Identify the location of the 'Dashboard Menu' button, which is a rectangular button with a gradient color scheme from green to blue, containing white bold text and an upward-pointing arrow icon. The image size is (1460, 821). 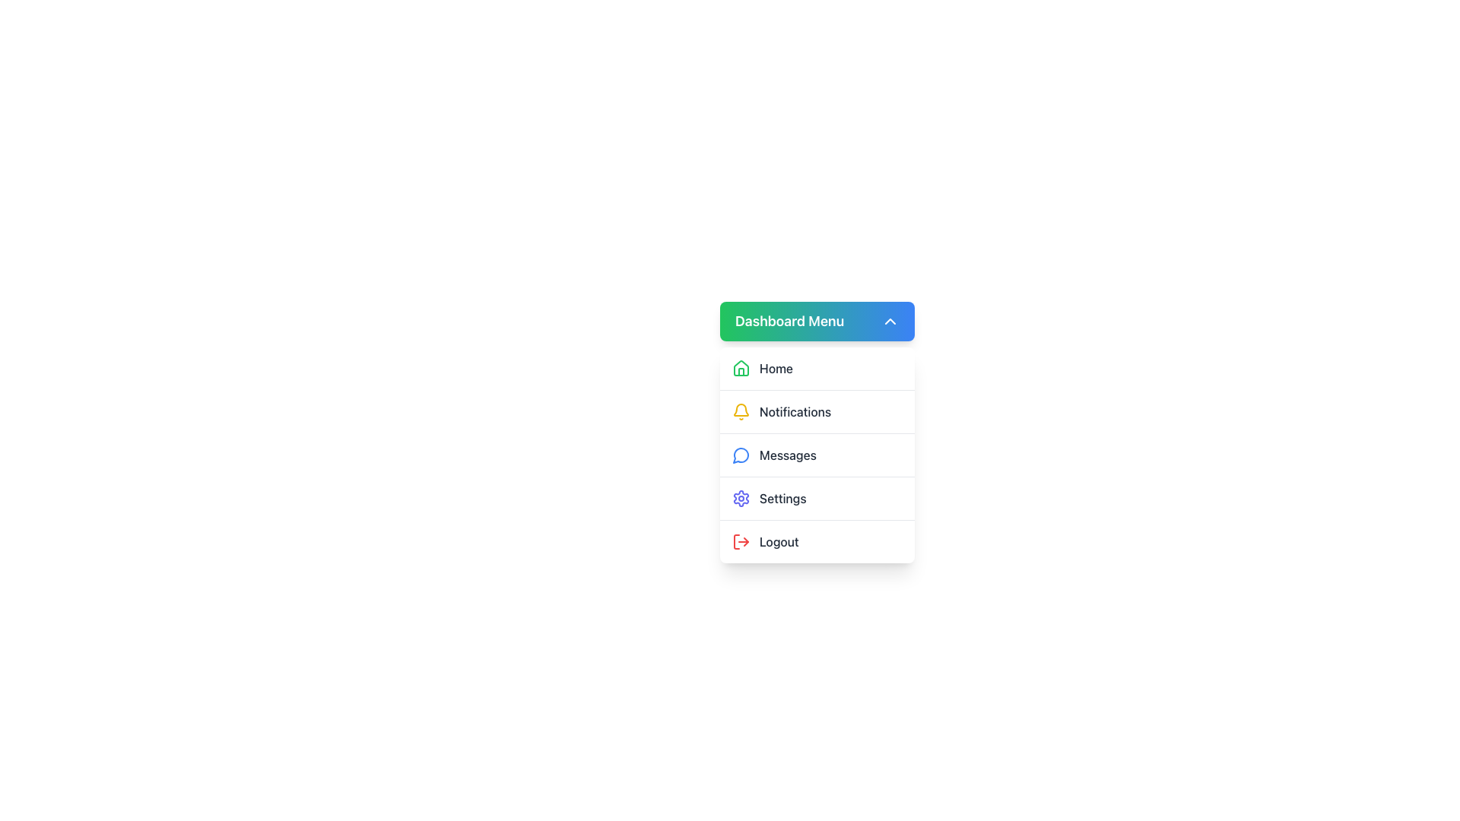
(817, 321).